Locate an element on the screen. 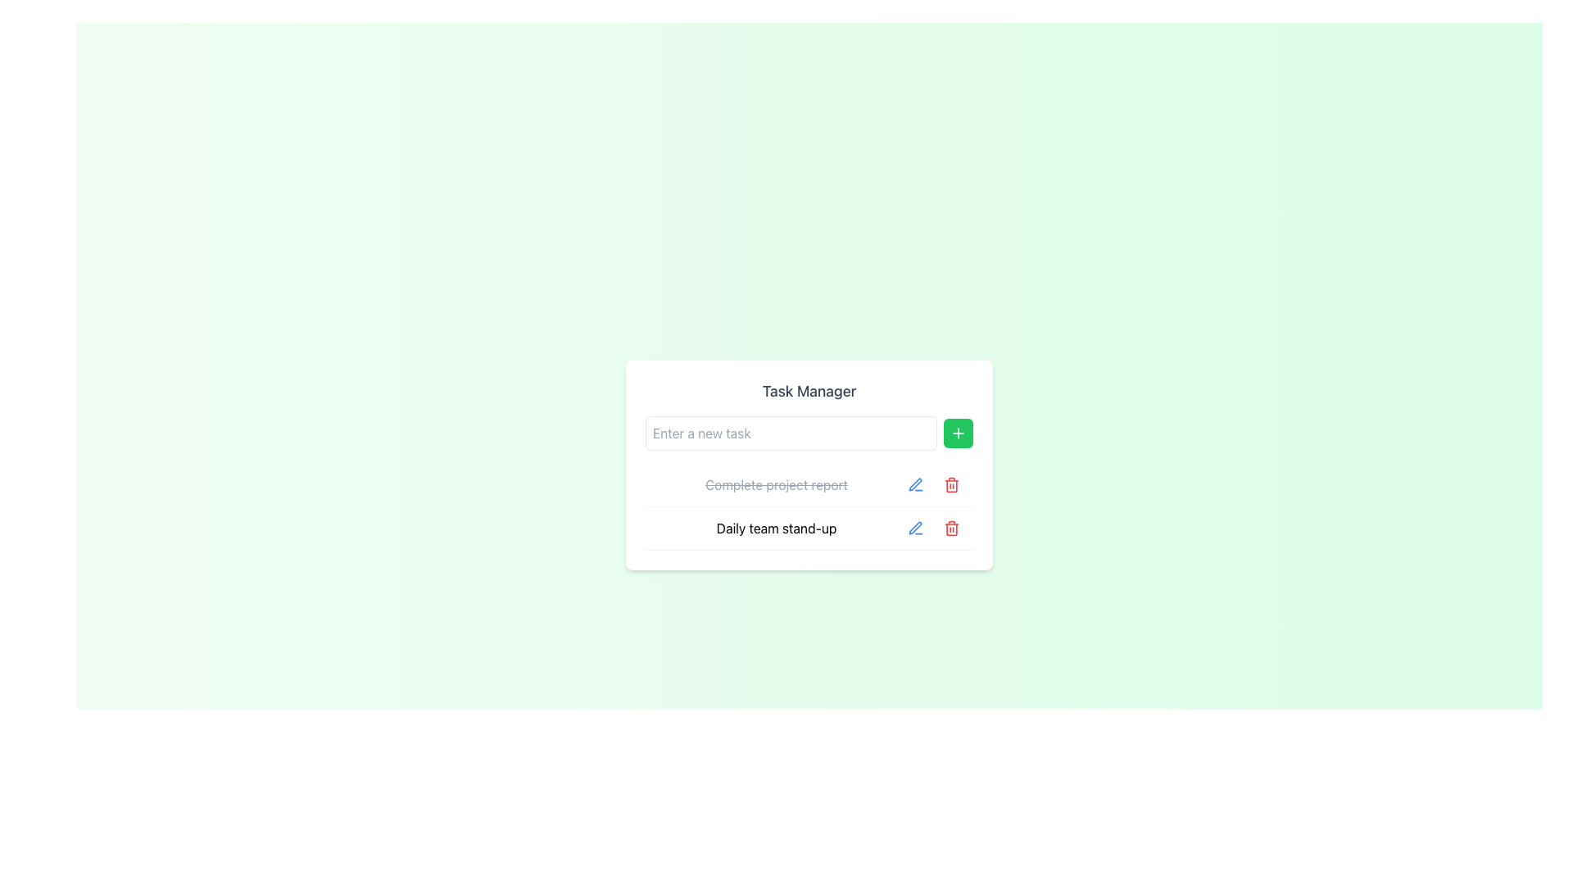  the edit button for the task entry labeled 'Complete project report' is located at coordinates (915, 483).